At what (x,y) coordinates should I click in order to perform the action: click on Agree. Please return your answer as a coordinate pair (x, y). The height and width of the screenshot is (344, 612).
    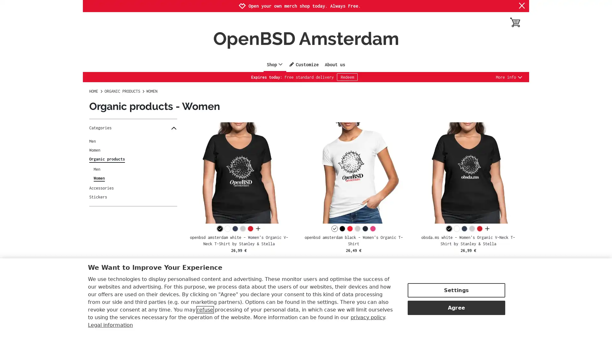
    Looking at the image, I should click on (456, 307).